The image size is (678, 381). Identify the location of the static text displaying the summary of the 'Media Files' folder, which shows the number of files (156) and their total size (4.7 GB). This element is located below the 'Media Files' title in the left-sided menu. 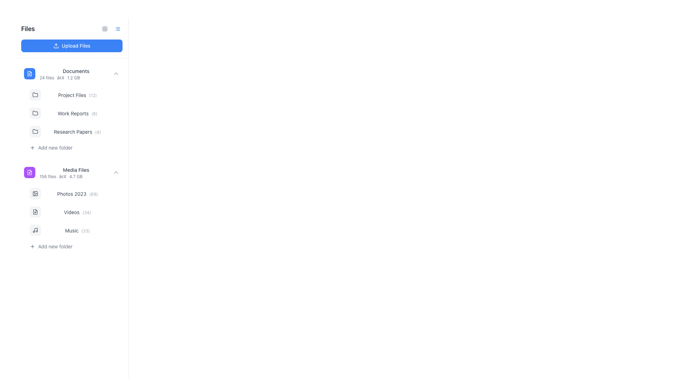
(76, 176).